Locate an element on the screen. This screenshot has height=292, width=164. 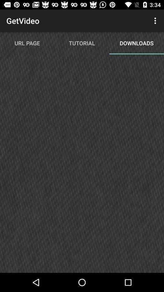
the item below url page is located at coordinates (82, 166).